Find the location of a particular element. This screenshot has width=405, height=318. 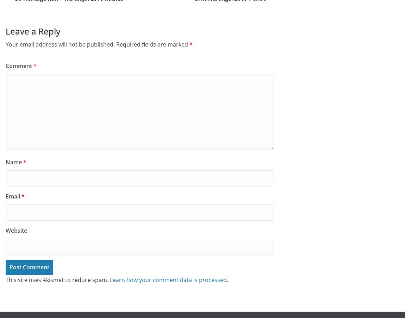

'Comment' is located at coordinates (19, 65).